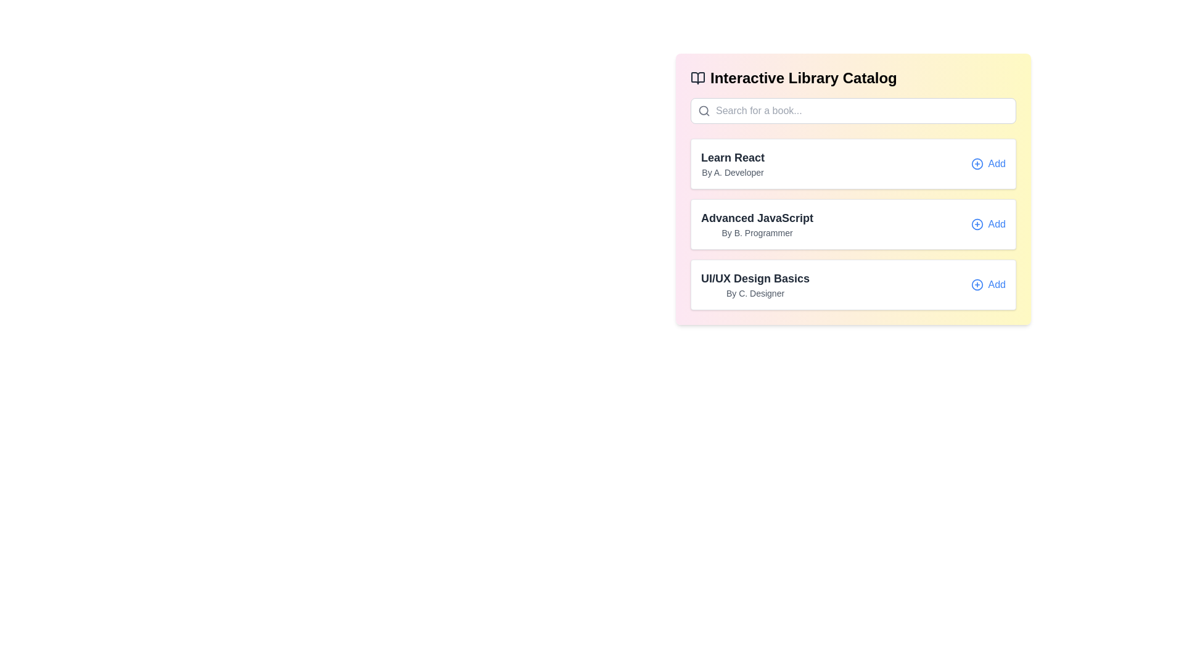 This screenshot has width=1184, height=666. Describe the element at coordinates (852, 224) in the screenshot. I see `the list item representing the course 'Advanced JavaScript' authored by 'B. Programmer' for additional interactions` at that location.